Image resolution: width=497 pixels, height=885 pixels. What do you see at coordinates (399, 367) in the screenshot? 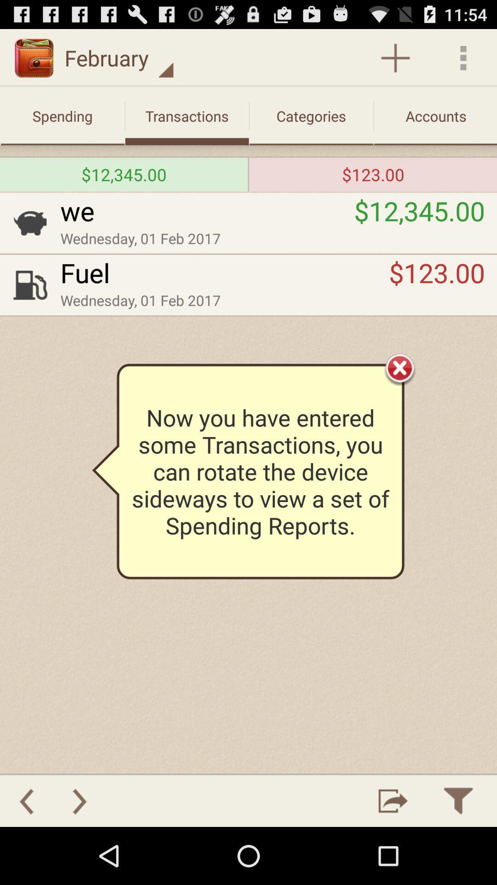
I see `app below the $123.00 icon` at bounding box center [399, 367].